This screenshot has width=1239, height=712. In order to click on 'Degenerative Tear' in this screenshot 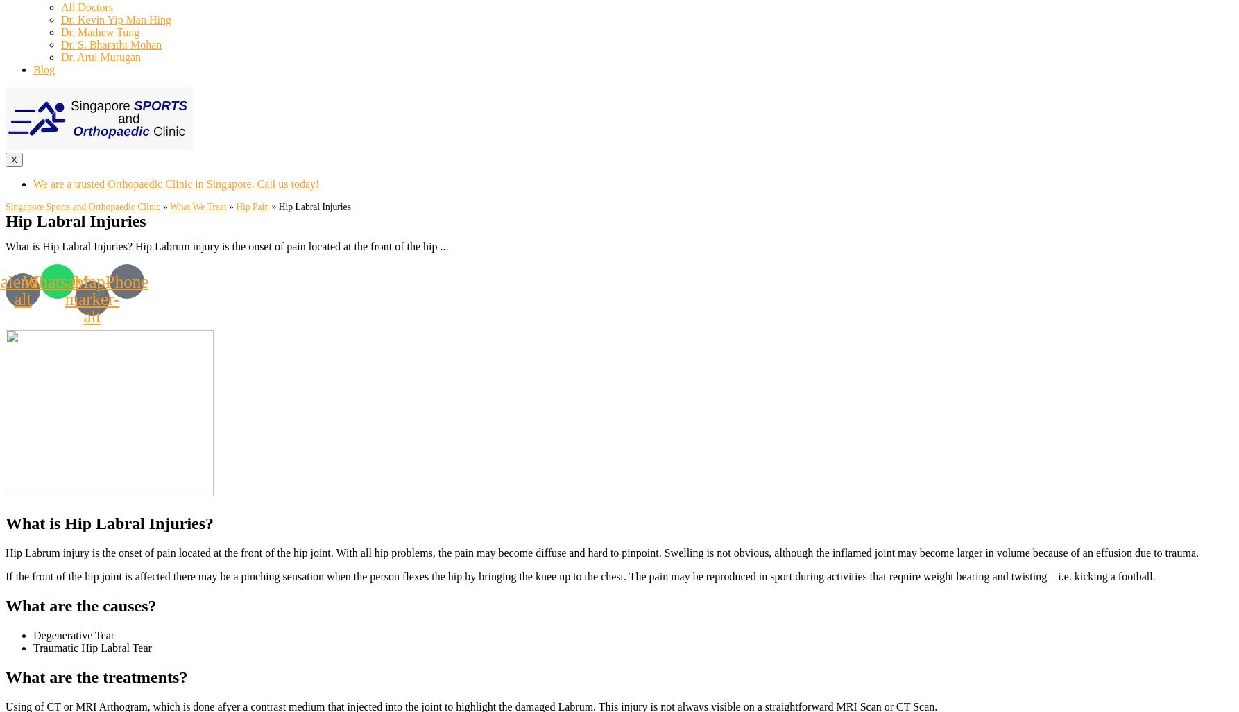, I will do `click(74, 634)`.